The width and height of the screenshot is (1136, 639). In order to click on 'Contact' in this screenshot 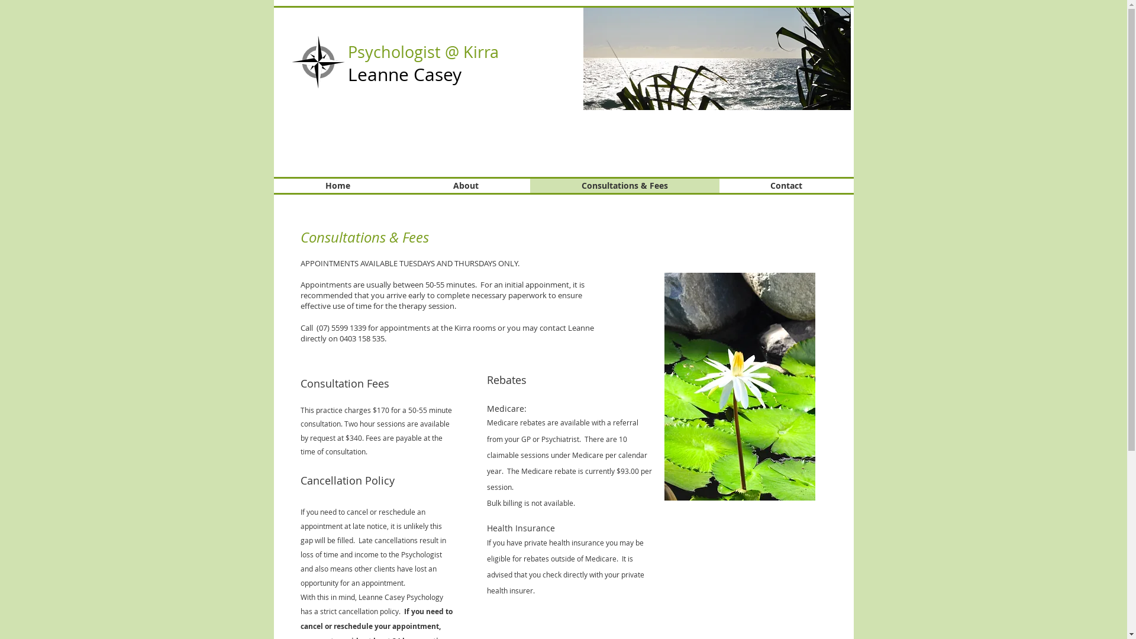, I will do `click(786, 185)`.